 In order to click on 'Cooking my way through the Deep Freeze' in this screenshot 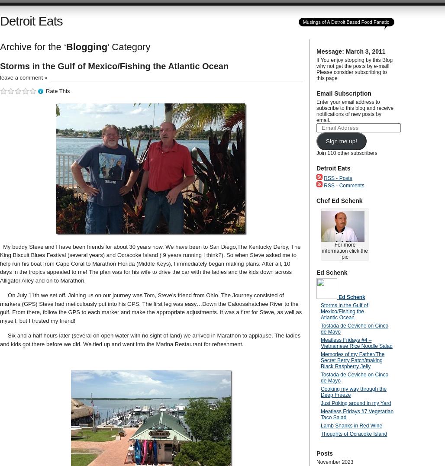, I will do `click(353, 392)`.